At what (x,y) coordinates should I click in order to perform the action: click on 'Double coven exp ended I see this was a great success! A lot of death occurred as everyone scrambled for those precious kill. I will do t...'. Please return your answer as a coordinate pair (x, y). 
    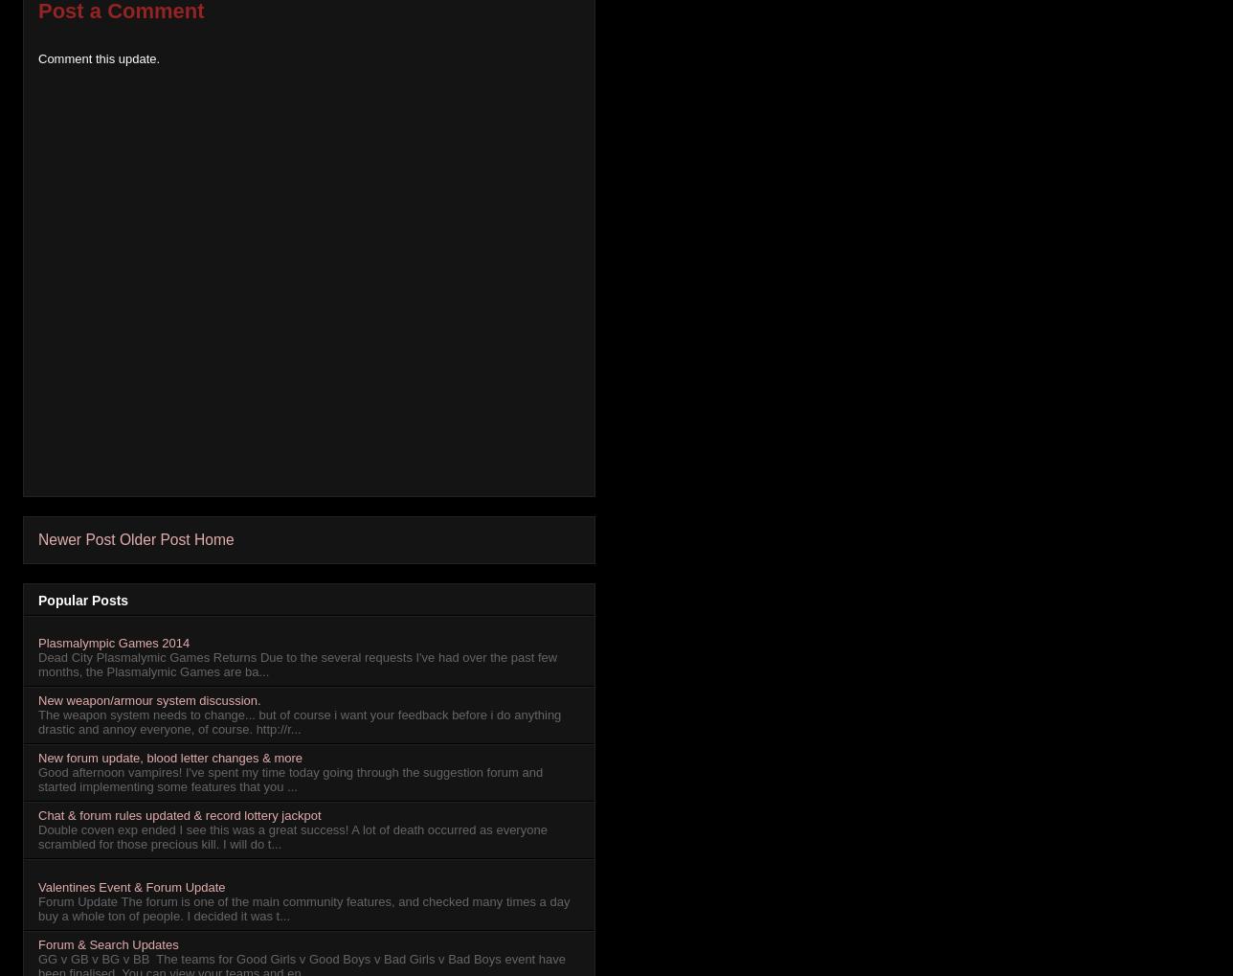
    Looking at the image, I should click on (292, 835).